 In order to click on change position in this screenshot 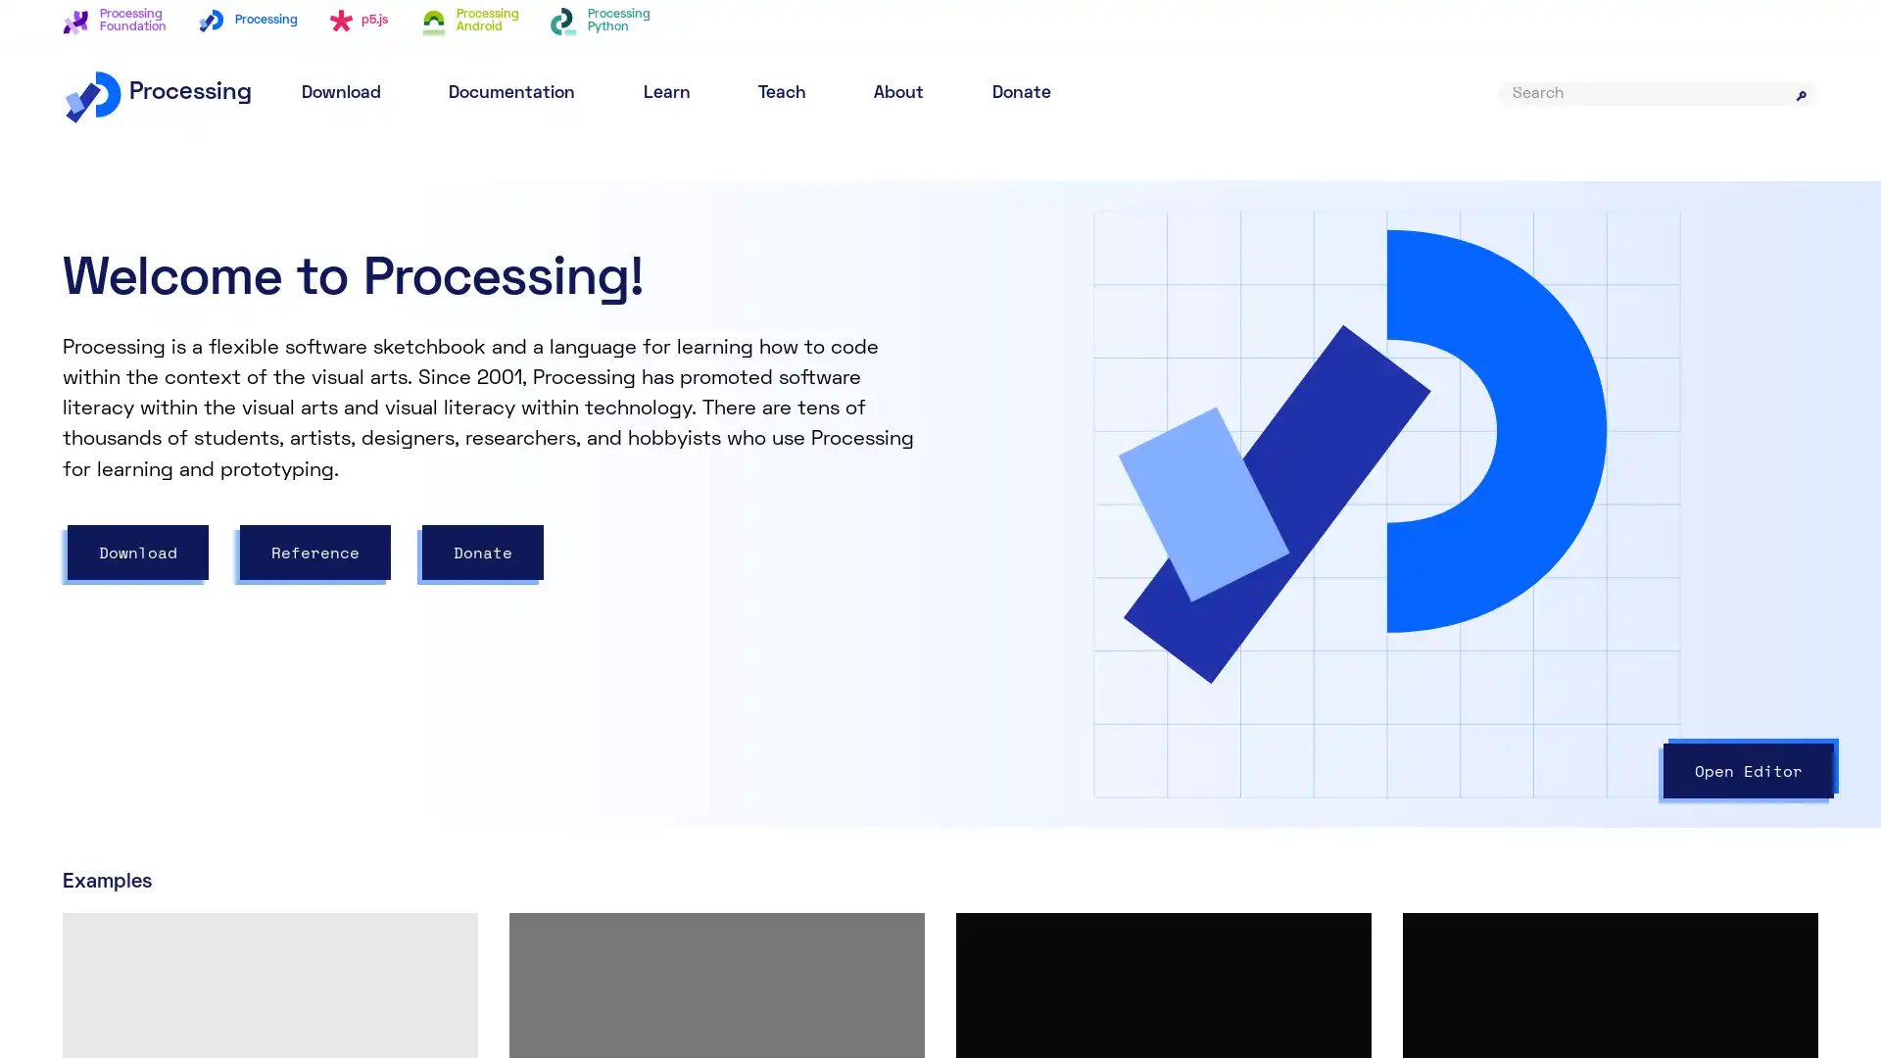, I will do `click(1125, 469)`.